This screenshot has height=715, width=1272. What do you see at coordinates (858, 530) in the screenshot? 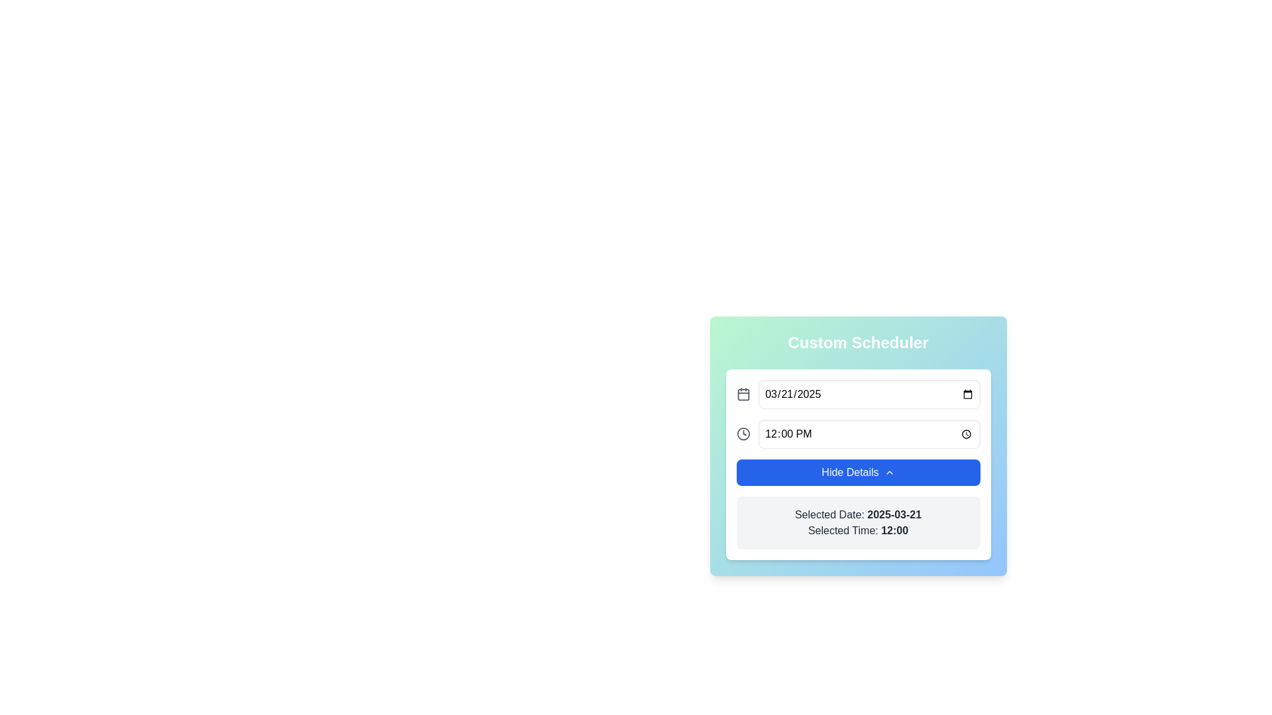
I see `static text display element that shows 'Selected Time: 12:00', which is styled in gray with the time emphasized in bold` at bounding box center [858, 530].